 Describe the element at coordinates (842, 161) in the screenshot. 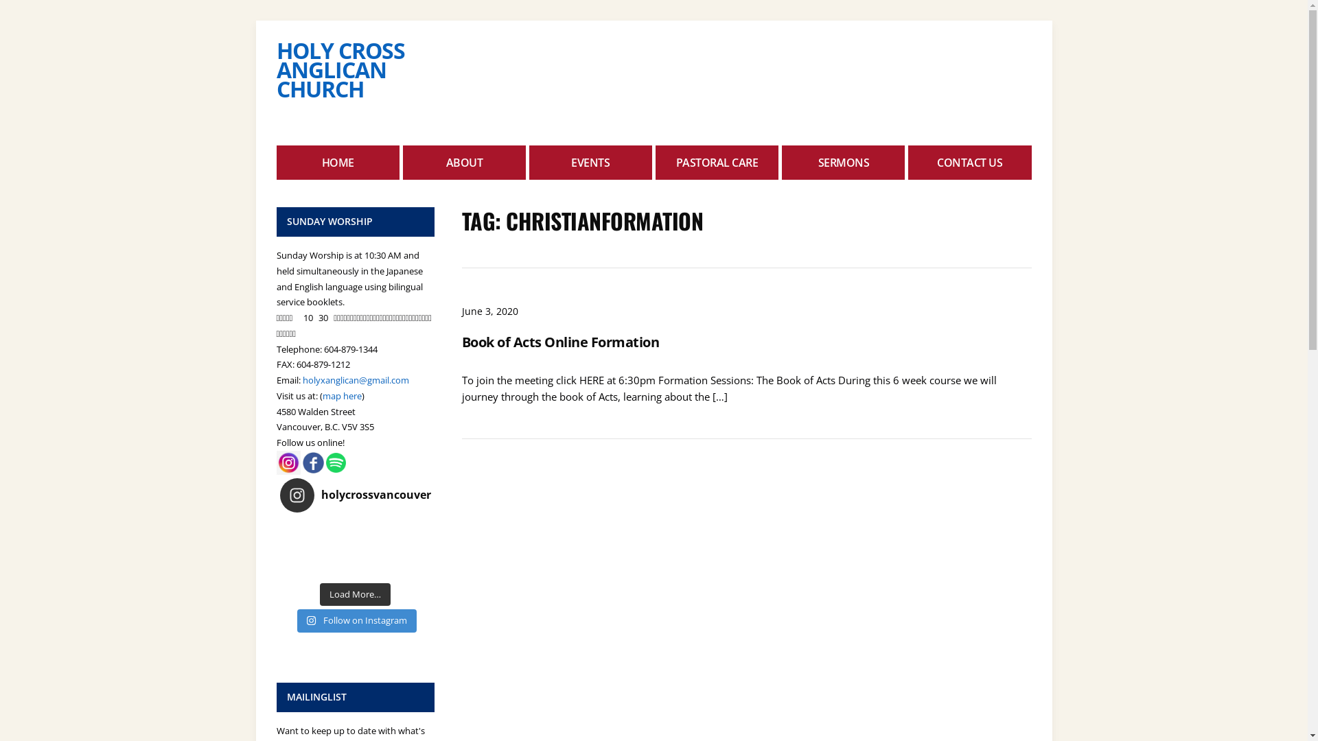

I see `'SERMONS'` at that location.